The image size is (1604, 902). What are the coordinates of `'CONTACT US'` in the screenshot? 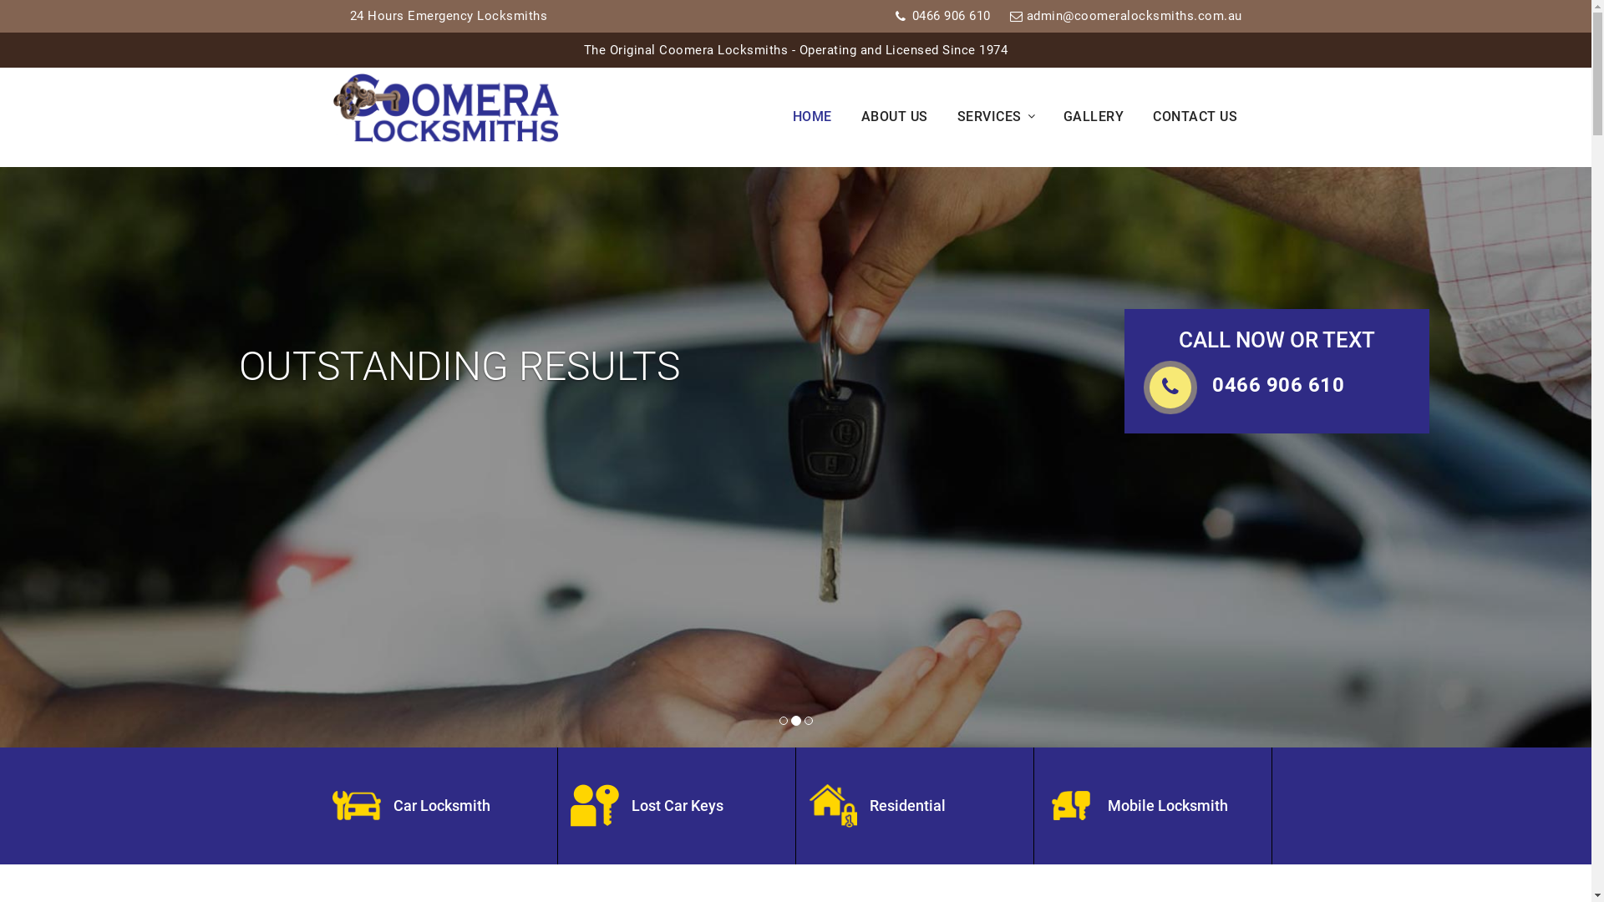 It's located at (1206, 116).